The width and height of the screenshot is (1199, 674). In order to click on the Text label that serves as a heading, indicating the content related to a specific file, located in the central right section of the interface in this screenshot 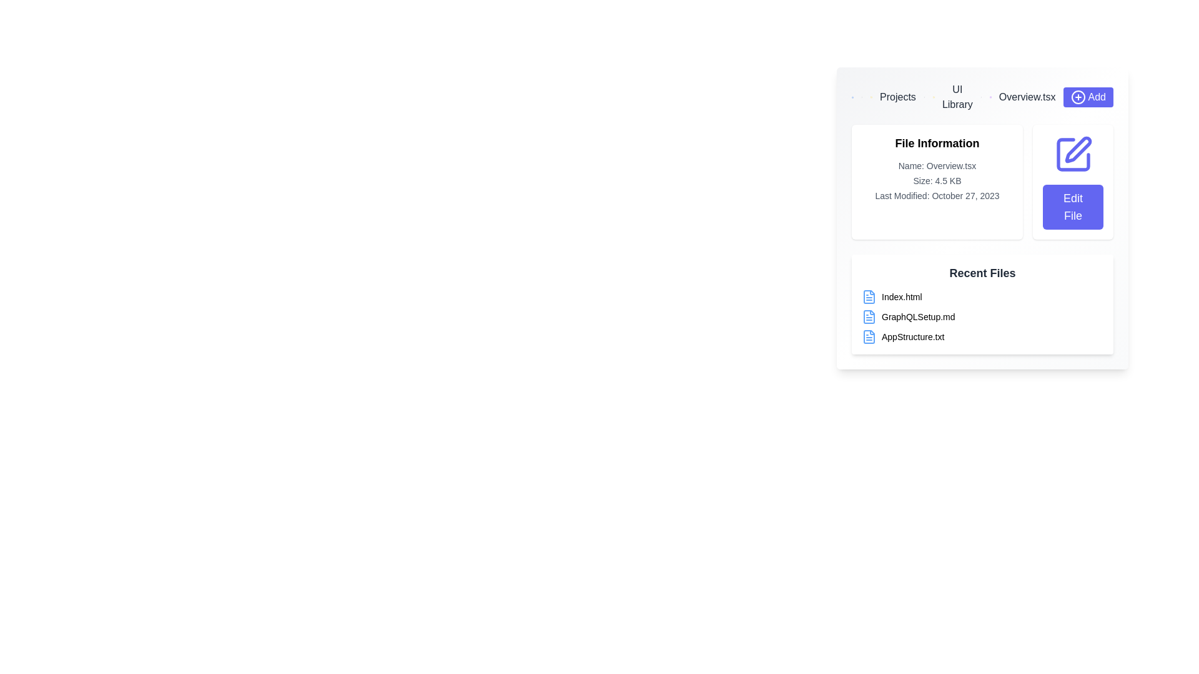, I will do `click(937, 143)`.